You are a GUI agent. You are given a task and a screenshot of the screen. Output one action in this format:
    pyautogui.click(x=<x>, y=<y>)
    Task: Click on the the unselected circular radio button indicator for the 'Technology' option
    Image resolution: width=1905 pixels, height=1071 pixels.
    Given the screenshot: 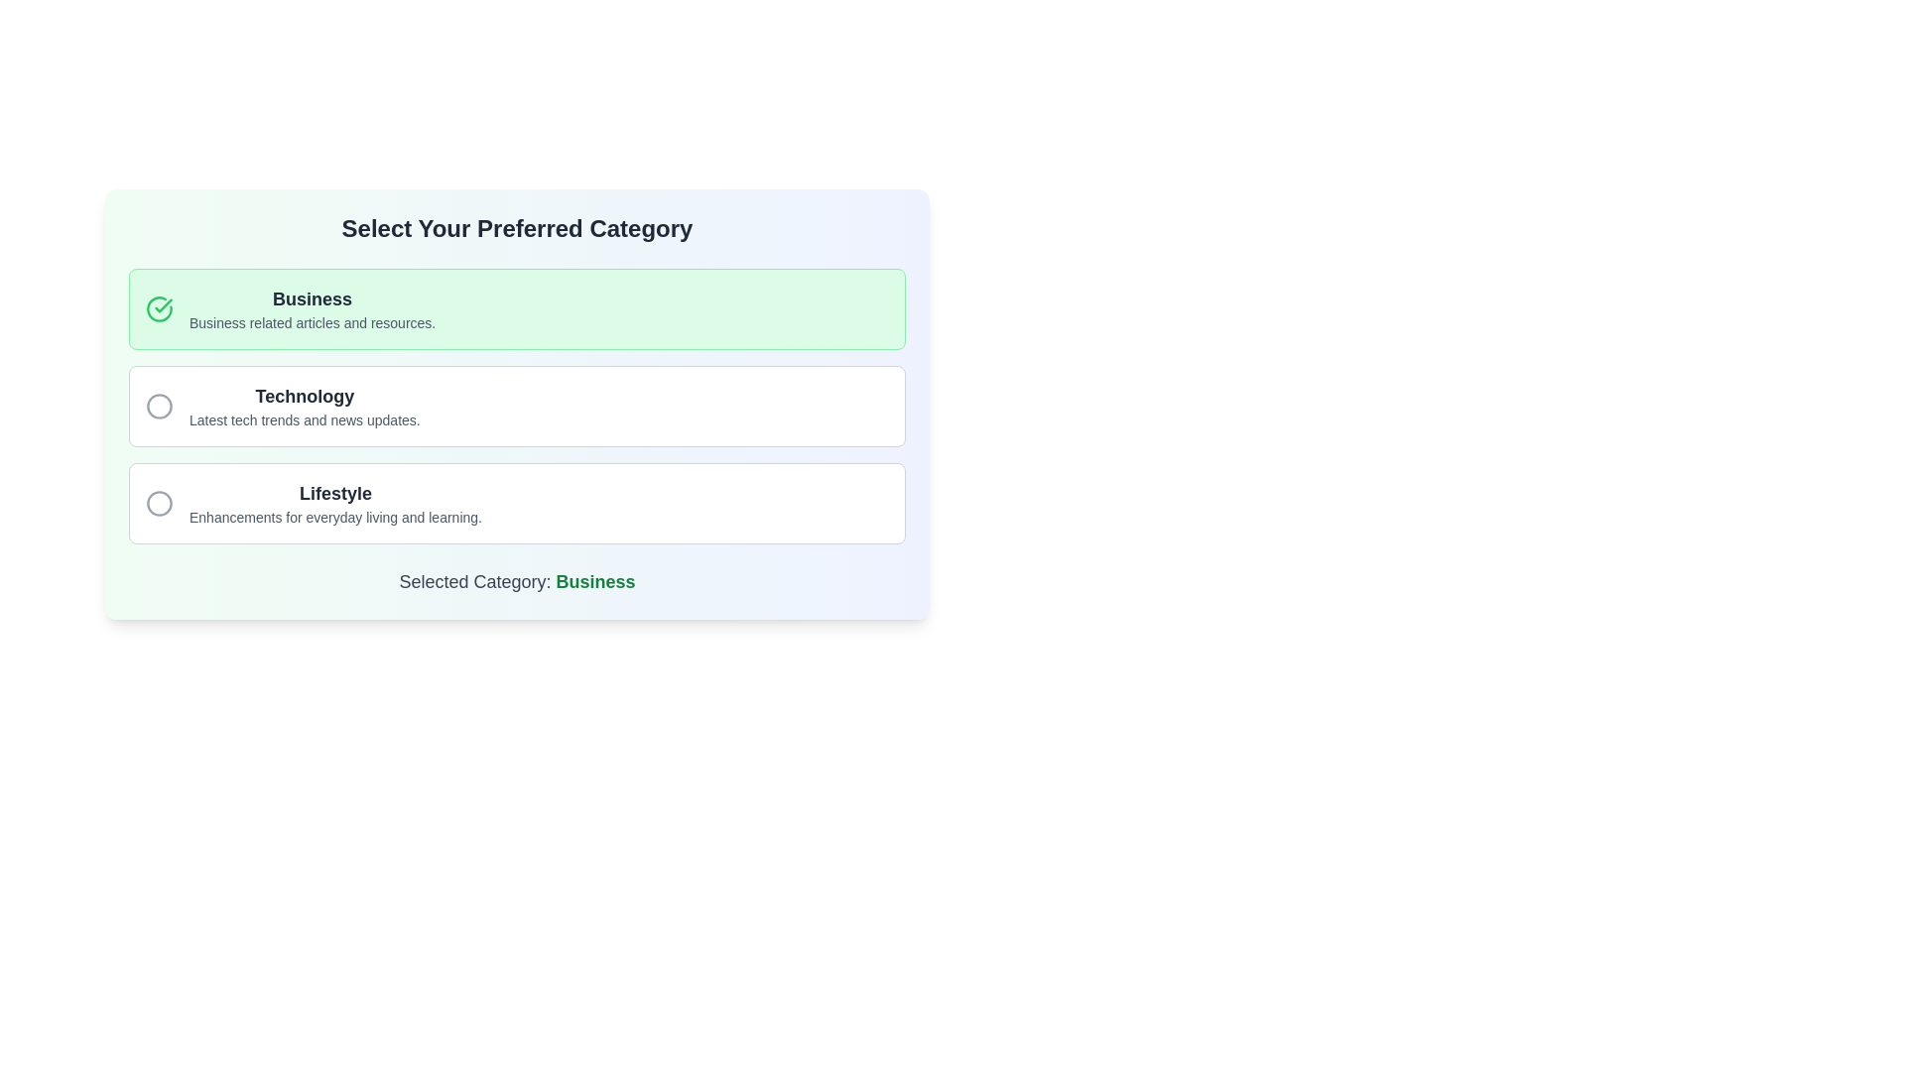 What is the action you would take?
    pyautogui.click(x=160, y=405)
    